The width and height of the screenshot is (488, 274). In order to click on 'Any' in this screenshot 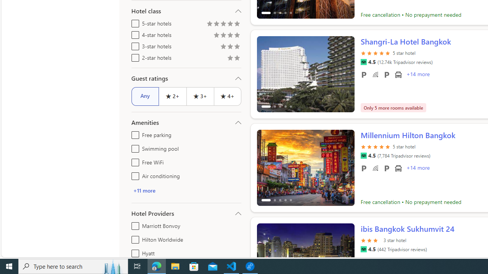, I will do `click(145, 96)`.